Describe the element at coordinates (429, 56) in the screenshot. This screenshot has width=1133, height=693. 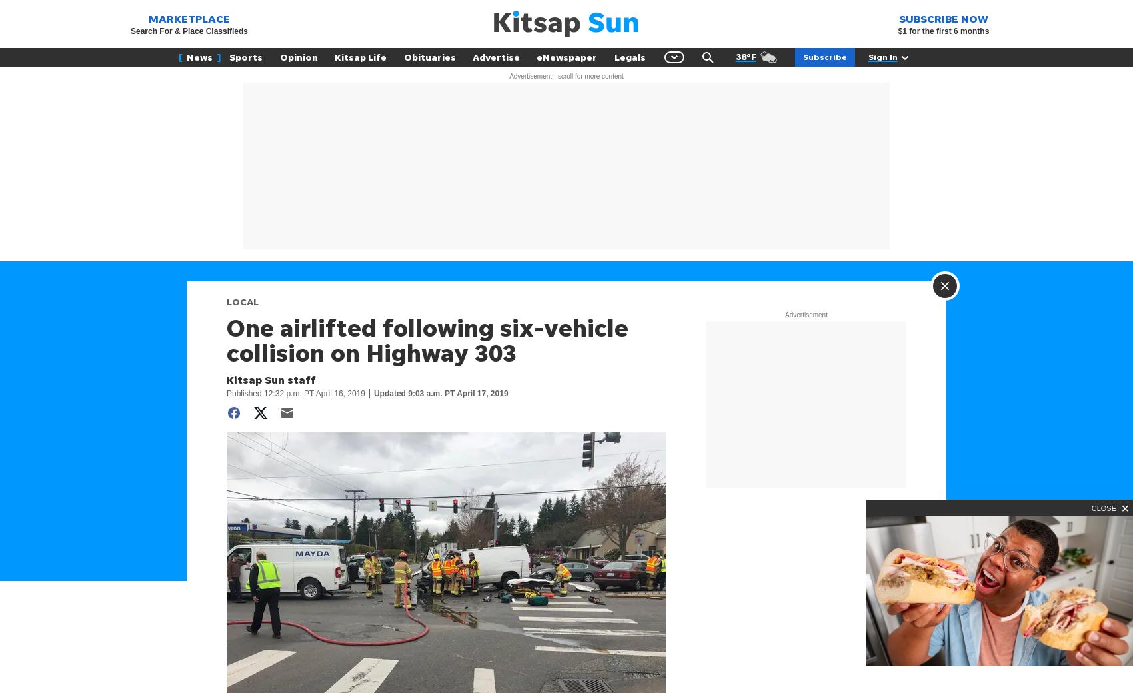
I see `'Obituaries'` at that location.